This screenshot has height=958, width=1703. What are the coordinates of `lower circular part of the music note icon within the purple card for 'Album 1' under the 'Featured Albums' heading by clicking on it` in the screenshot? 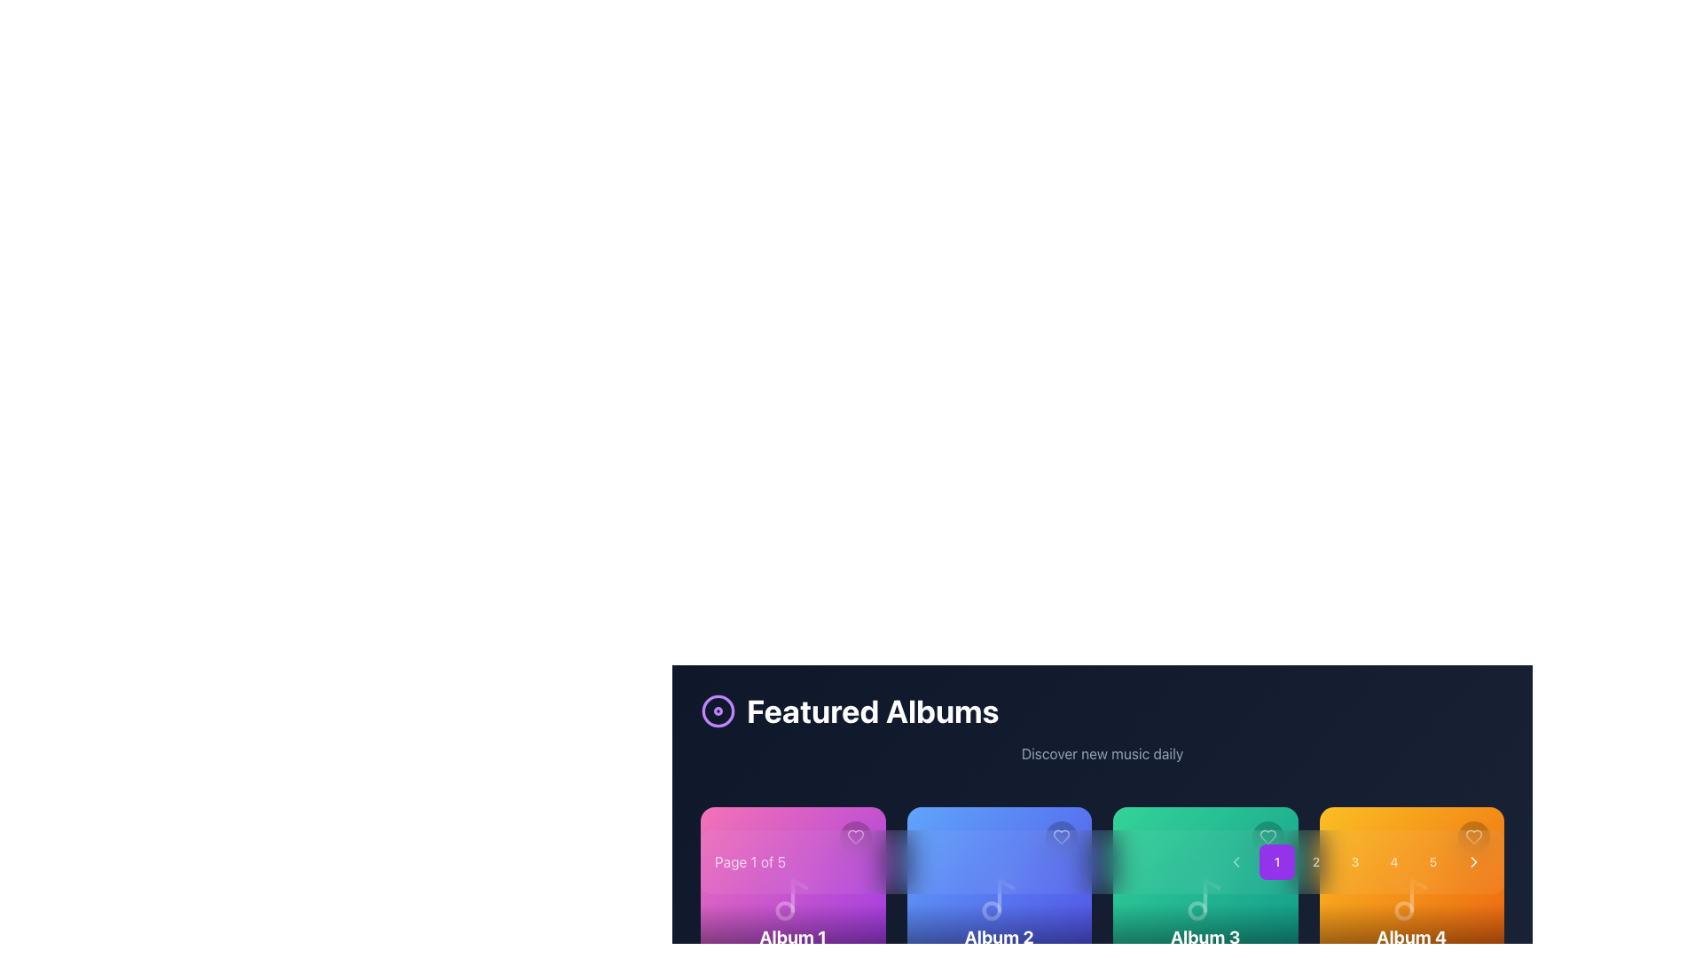 It's located at (784, 911).